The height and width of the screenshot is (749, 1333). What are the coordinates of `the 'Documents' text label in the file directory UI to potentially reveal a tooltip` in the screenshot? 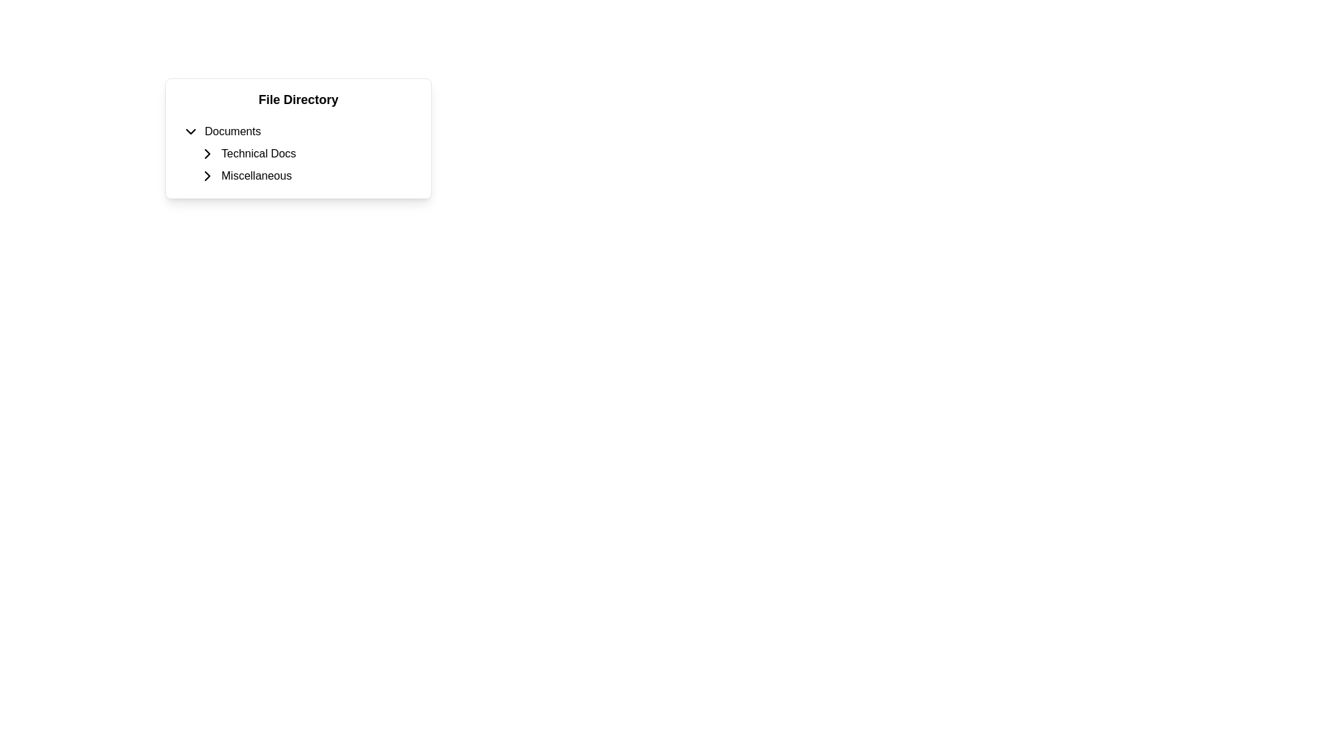 It's located at (233, 131).